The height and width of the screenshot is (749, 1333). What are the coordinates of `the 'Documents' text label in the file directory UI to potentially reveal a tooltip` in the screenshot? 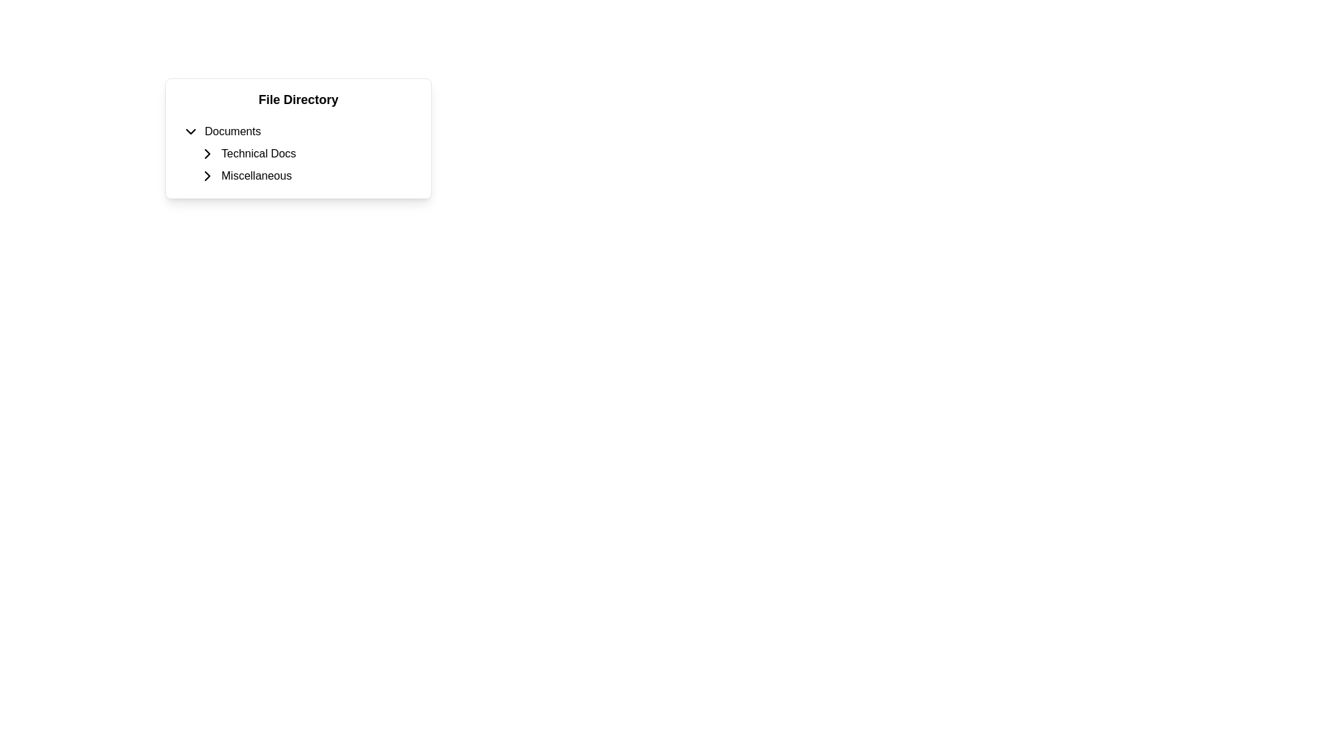 It's located at (233, 131).